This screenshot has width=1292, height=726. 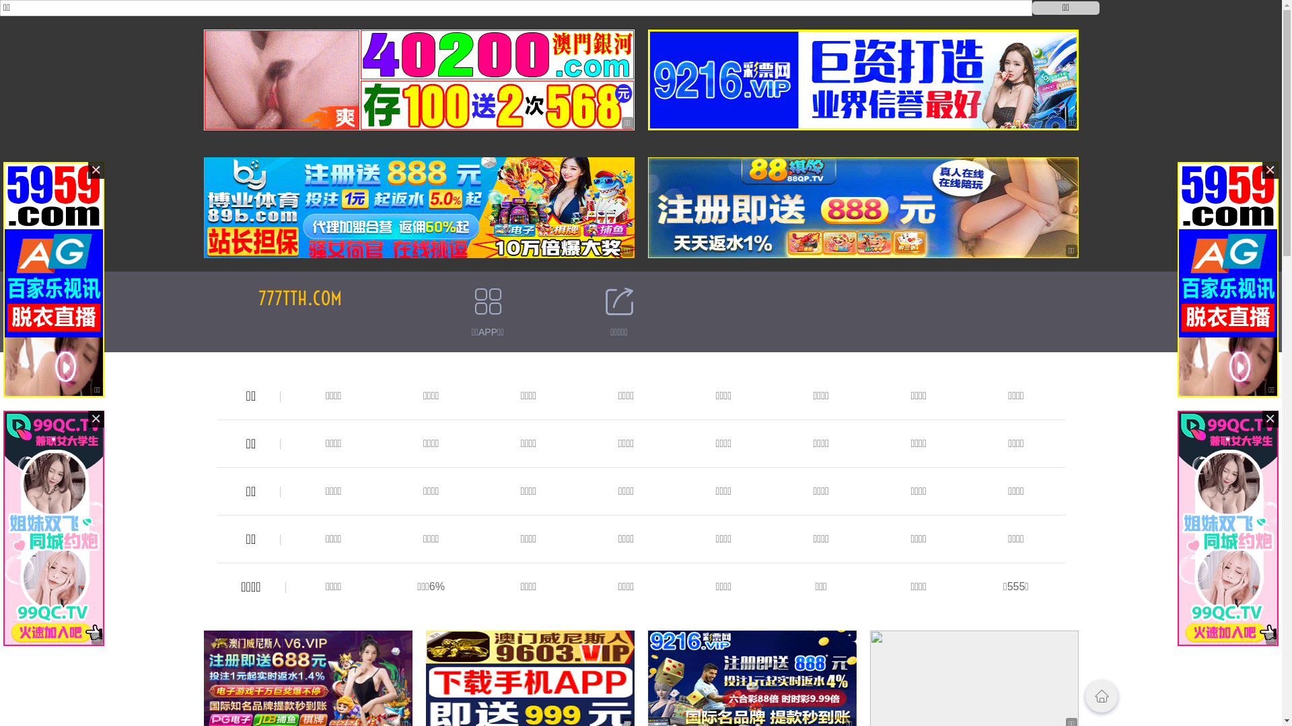 What do you see at coordinates (299, 297) in the screenshot?
I see `'777TTH.COM'` at bounding box center [299, 297].